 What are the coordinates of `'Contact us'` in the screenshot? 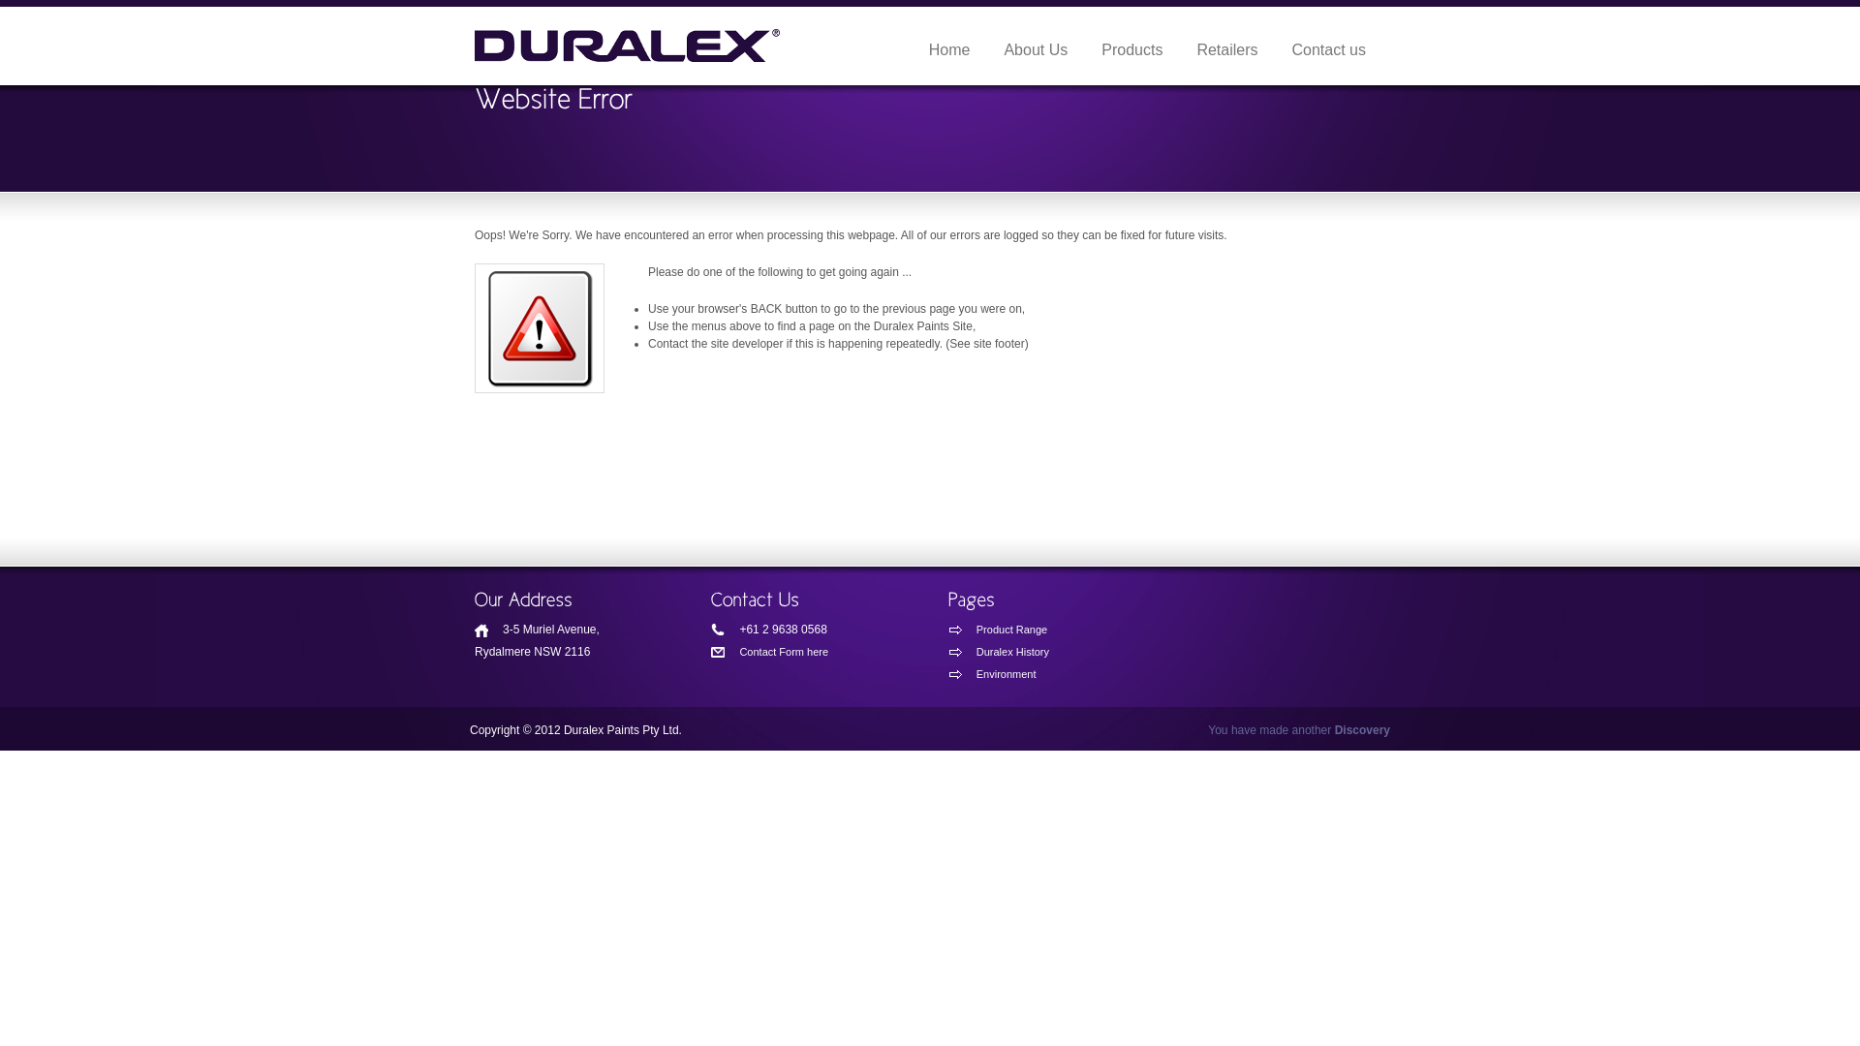 It's located at (1328, 49).